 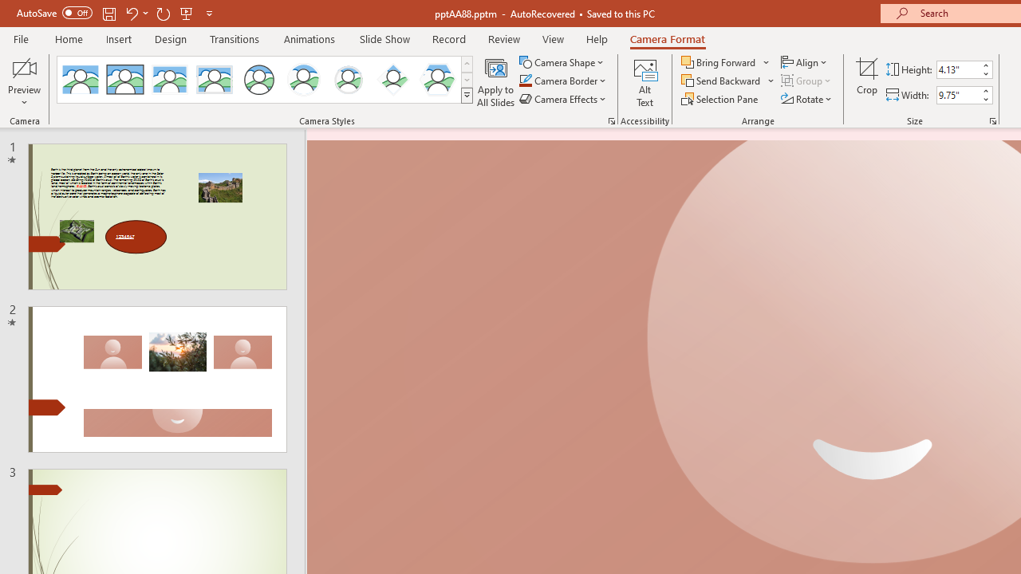 What do you see at coordinates (668, 38) in the screenshot?
I see `'Camera Format'` at bounding box center [668, 38].